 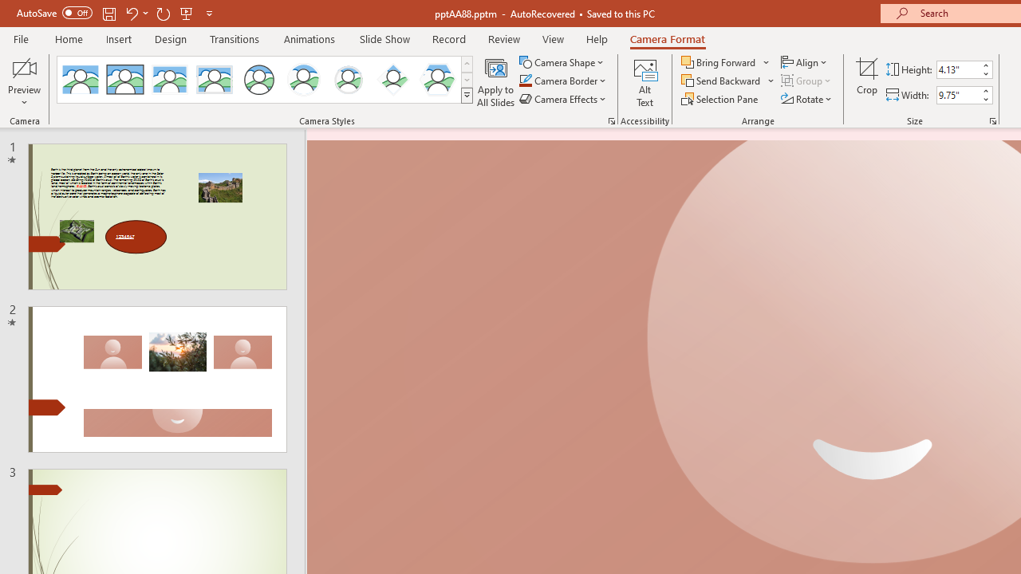 What do you see at coordinates (668, 38) in the screenshot?
I see `'Camera Format'` at bounding box center [668, 38].